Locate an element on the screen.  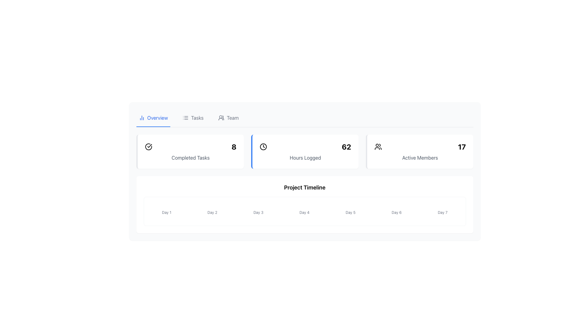
the 'Day 1' label with a circular marker, which is the first element in a horizontally-aligned list of days is located at coordinates (167, 211).